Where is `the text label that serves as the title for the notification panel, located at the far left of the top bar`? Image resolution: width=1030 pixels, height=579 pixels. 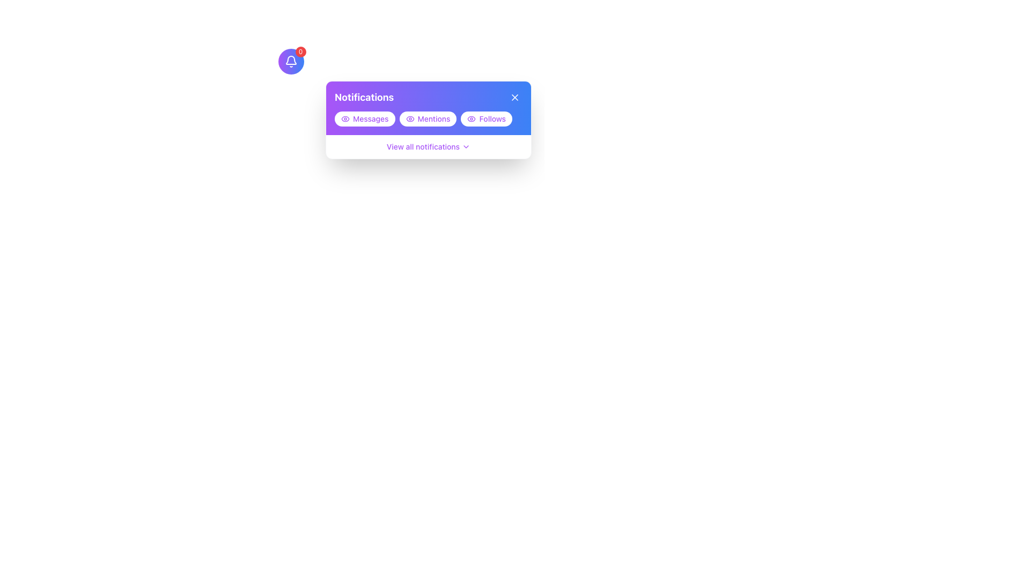
the text label that serves as the title for the notification panel, located at the far left of the top bar is located at coordinates (364, 97).